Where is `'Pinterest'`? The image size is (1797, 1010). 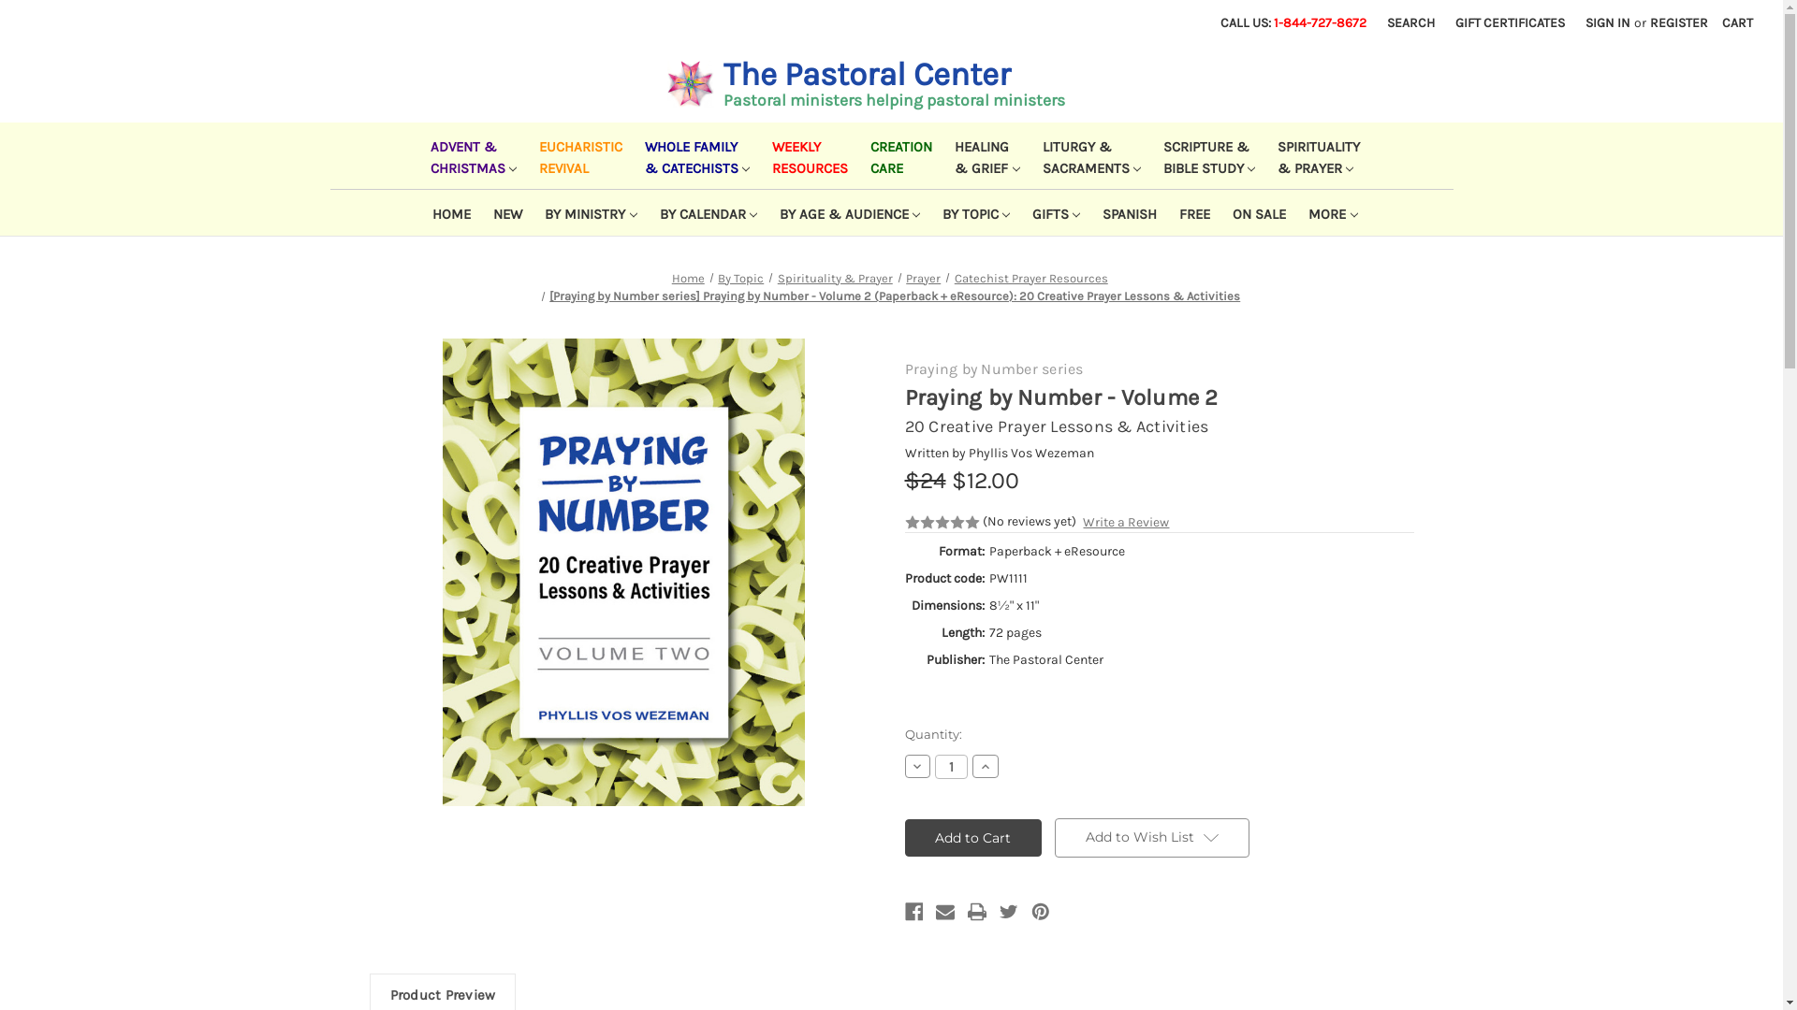 'Pinterest' is located at coordinates (1040, 911).